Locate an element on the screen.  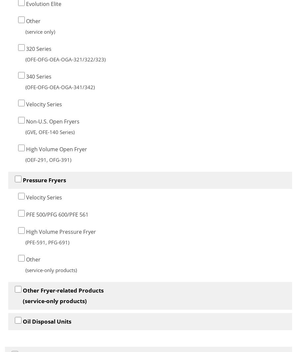
'PFE 500/PFG 600/PFE 561' is located at coordinates (56, 214).